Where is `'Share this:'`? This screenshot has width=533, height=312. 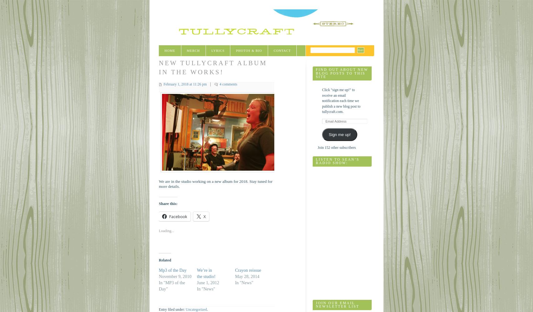
'Share this:' is located at coordinates (168, 203).